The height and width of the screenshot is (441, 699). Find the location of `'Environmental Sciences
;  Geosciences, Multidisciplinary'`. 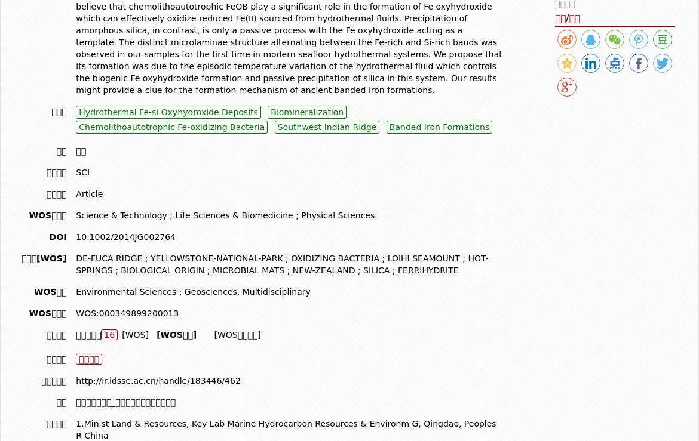

'Environmental Sciences
;  Geosciences, Multidisciplinary' is located at coordinates (192, 291).